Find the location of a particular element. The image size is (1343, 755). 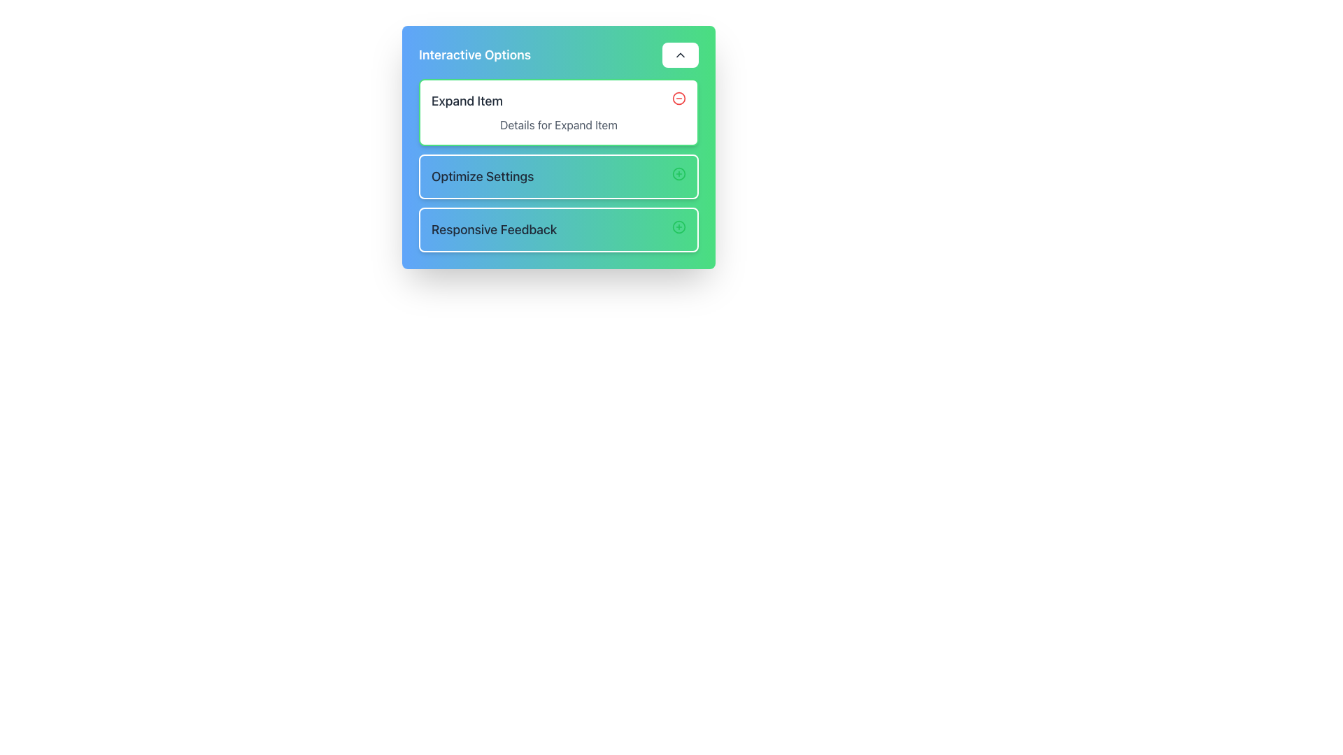

the 'Expand Item' Interactive Card, which is the topmost card in a vertical list of similar cards, to interact with it is located at coordinates (557, 112).